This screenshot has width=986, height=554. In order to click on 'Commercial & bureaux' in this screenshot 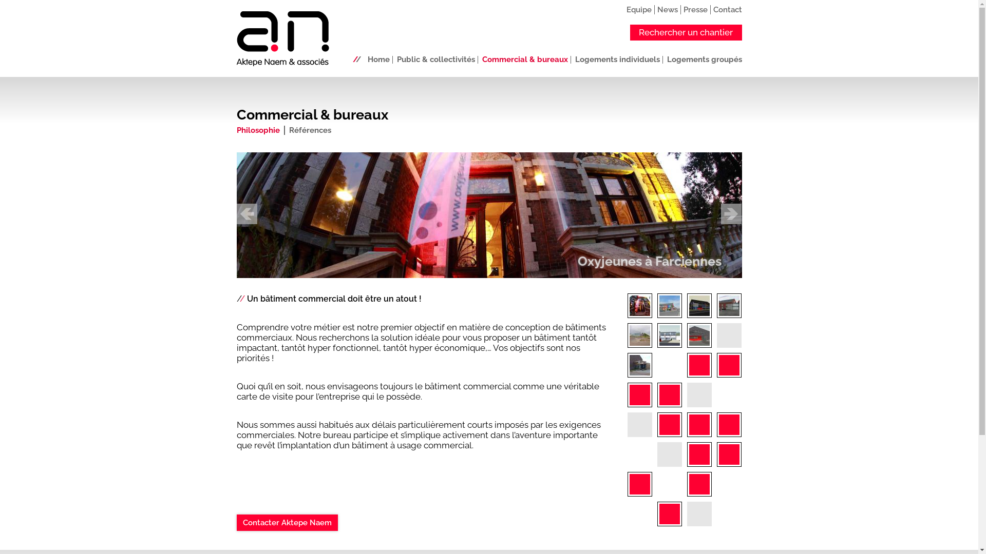, I will do `click(524, 59)`.